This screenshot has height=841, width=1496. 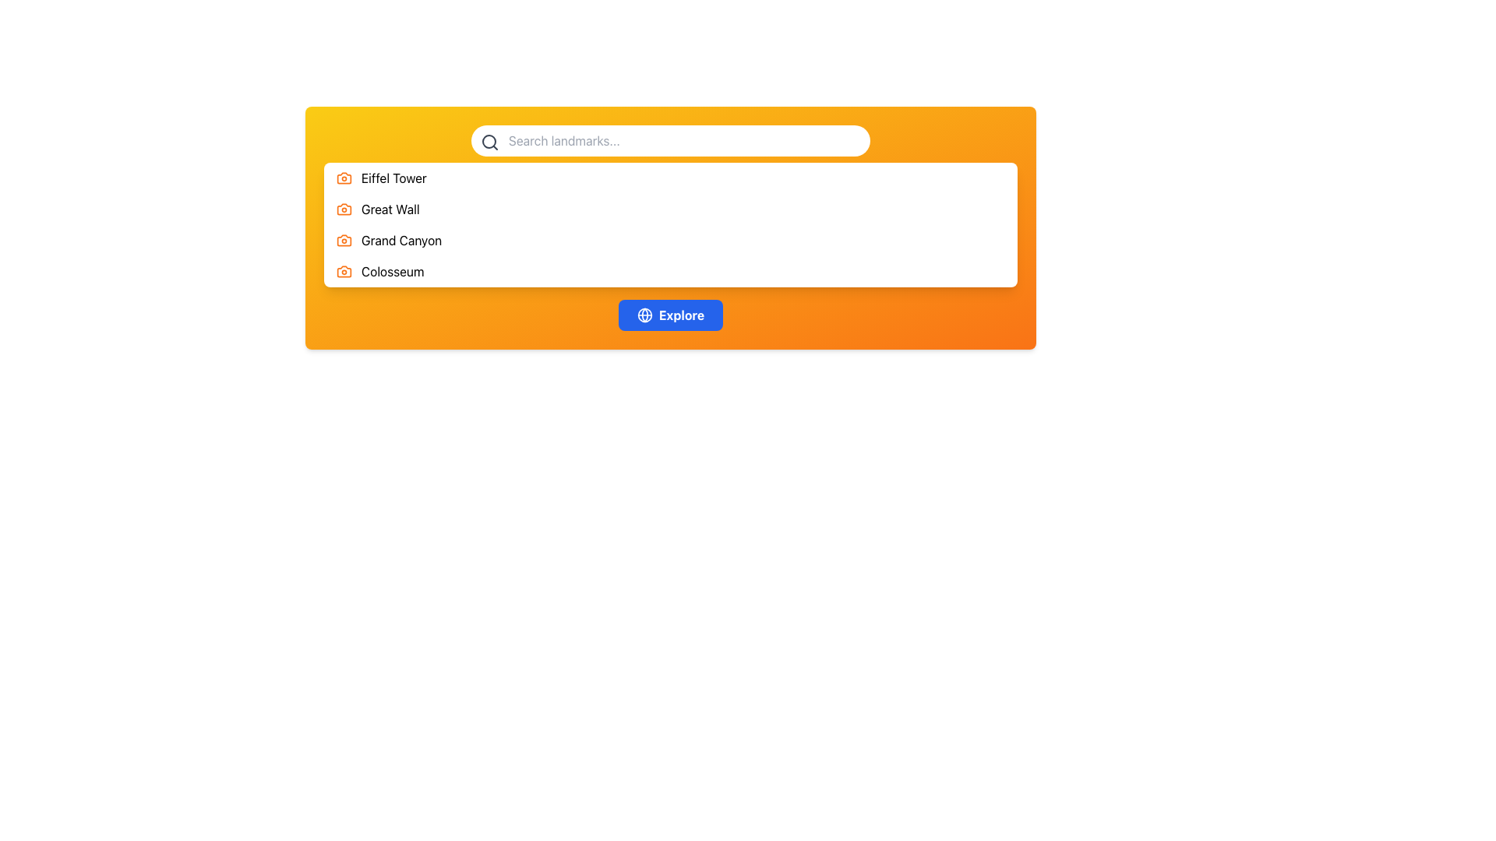 What do you see at coordinates (644, 315) in the screenshot?
I see `the circular globe icon with a blue background located on the left side of the 'Explore' button` at bounding box center [644, 315].